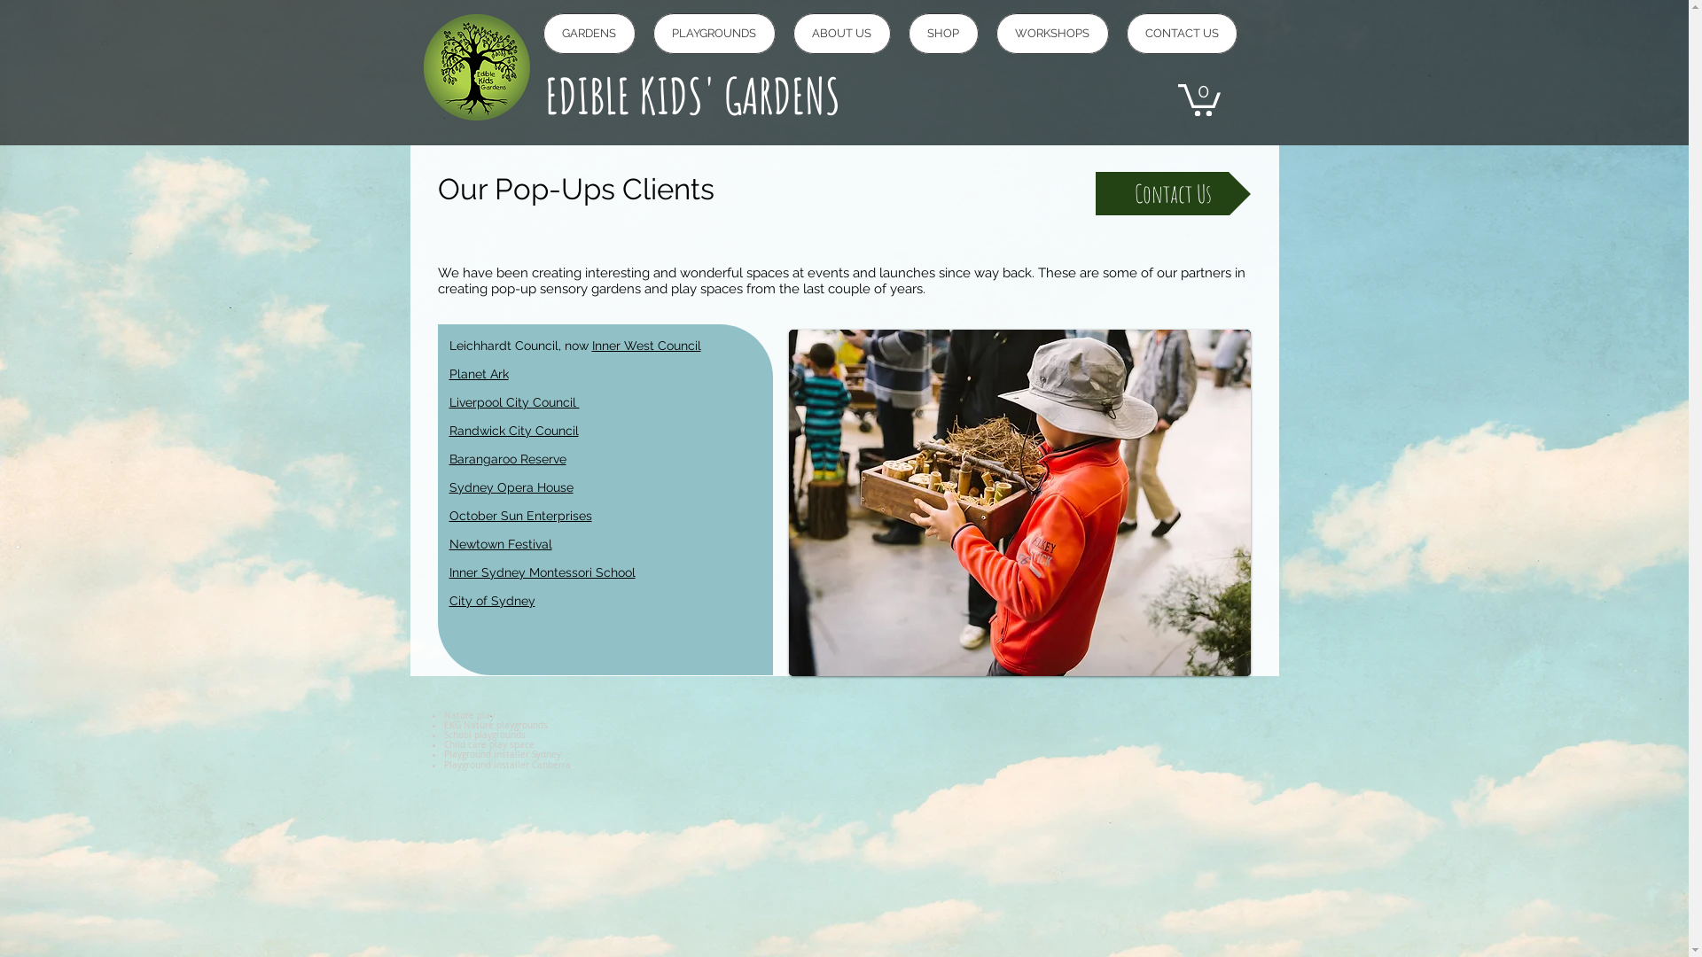  Describe the element at coordinates (540, 572) in the screenshot. I see `'Inner Sydney Montessori School'` at that location.